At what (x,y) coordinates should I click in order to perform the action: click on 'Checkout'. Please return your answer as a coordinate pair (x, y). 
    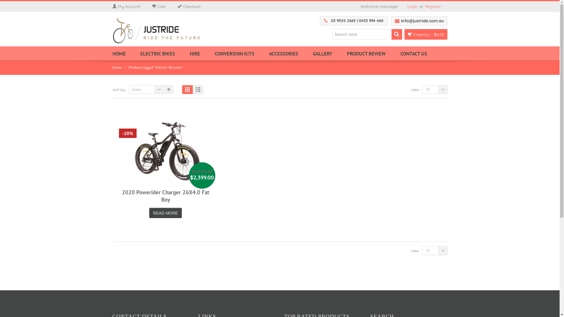
    Looking at the image, I should click on (195, 6).